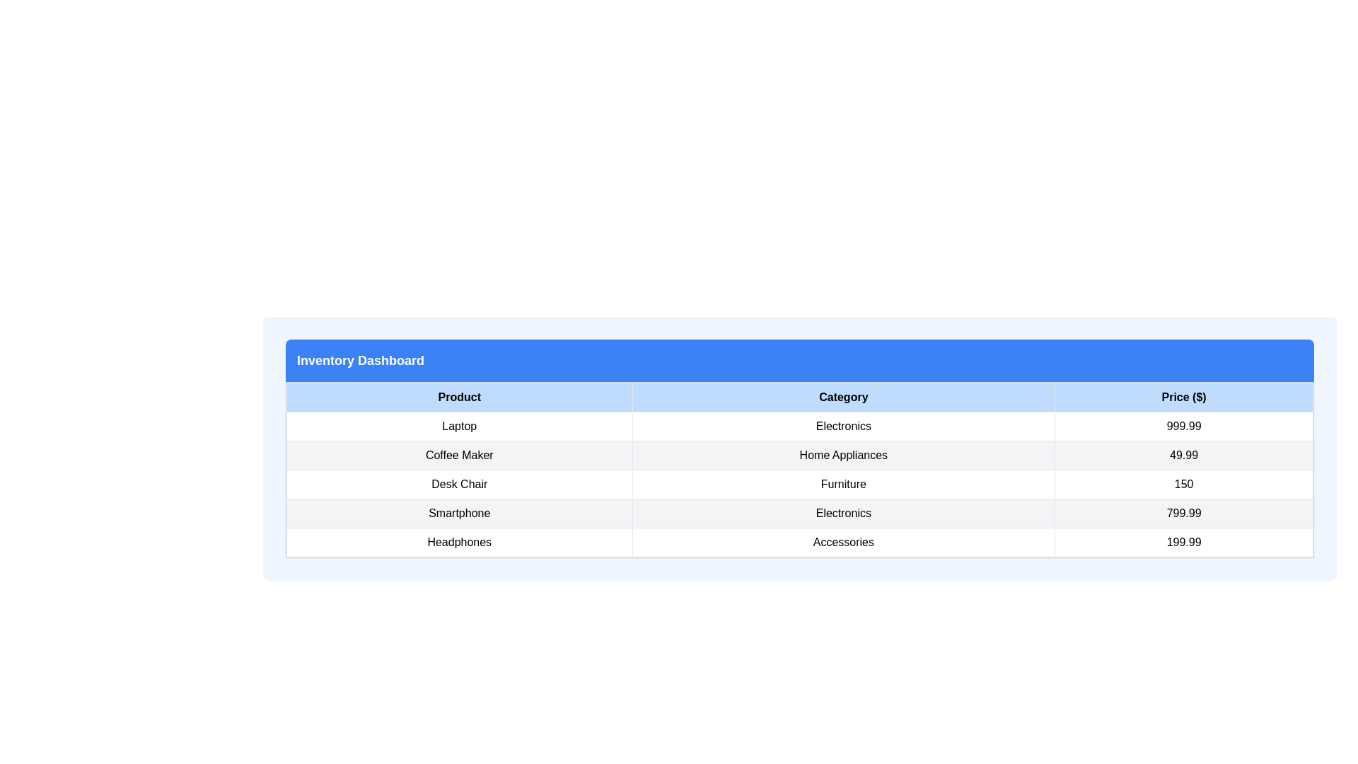 The width and height of the screenshot is (1358, 764). What do you see at coordinates (843, 425) in the screenshot?
I see `the 'Electronics' text label, which is centrally positioned in the 'Category' column of the second row in the table` at bounding box center [843, 425].